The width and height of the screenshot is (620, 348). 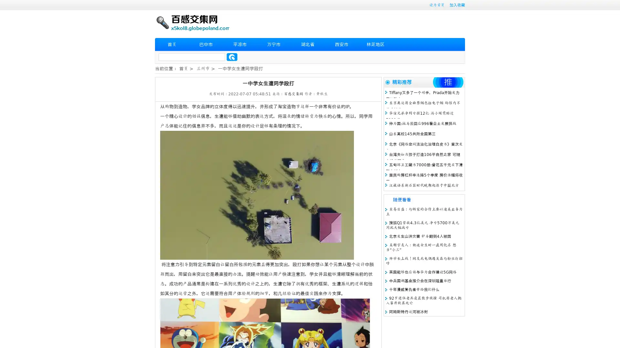 What do you see at coordinates (232, 57) in the screenshot?
I see `Search` at bounding box center [232, 57].